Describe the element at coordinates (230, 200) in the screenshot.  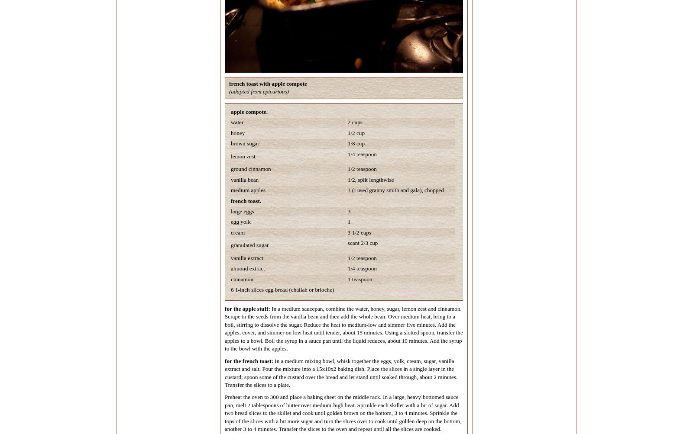
I see `'french toast.'` at that location.